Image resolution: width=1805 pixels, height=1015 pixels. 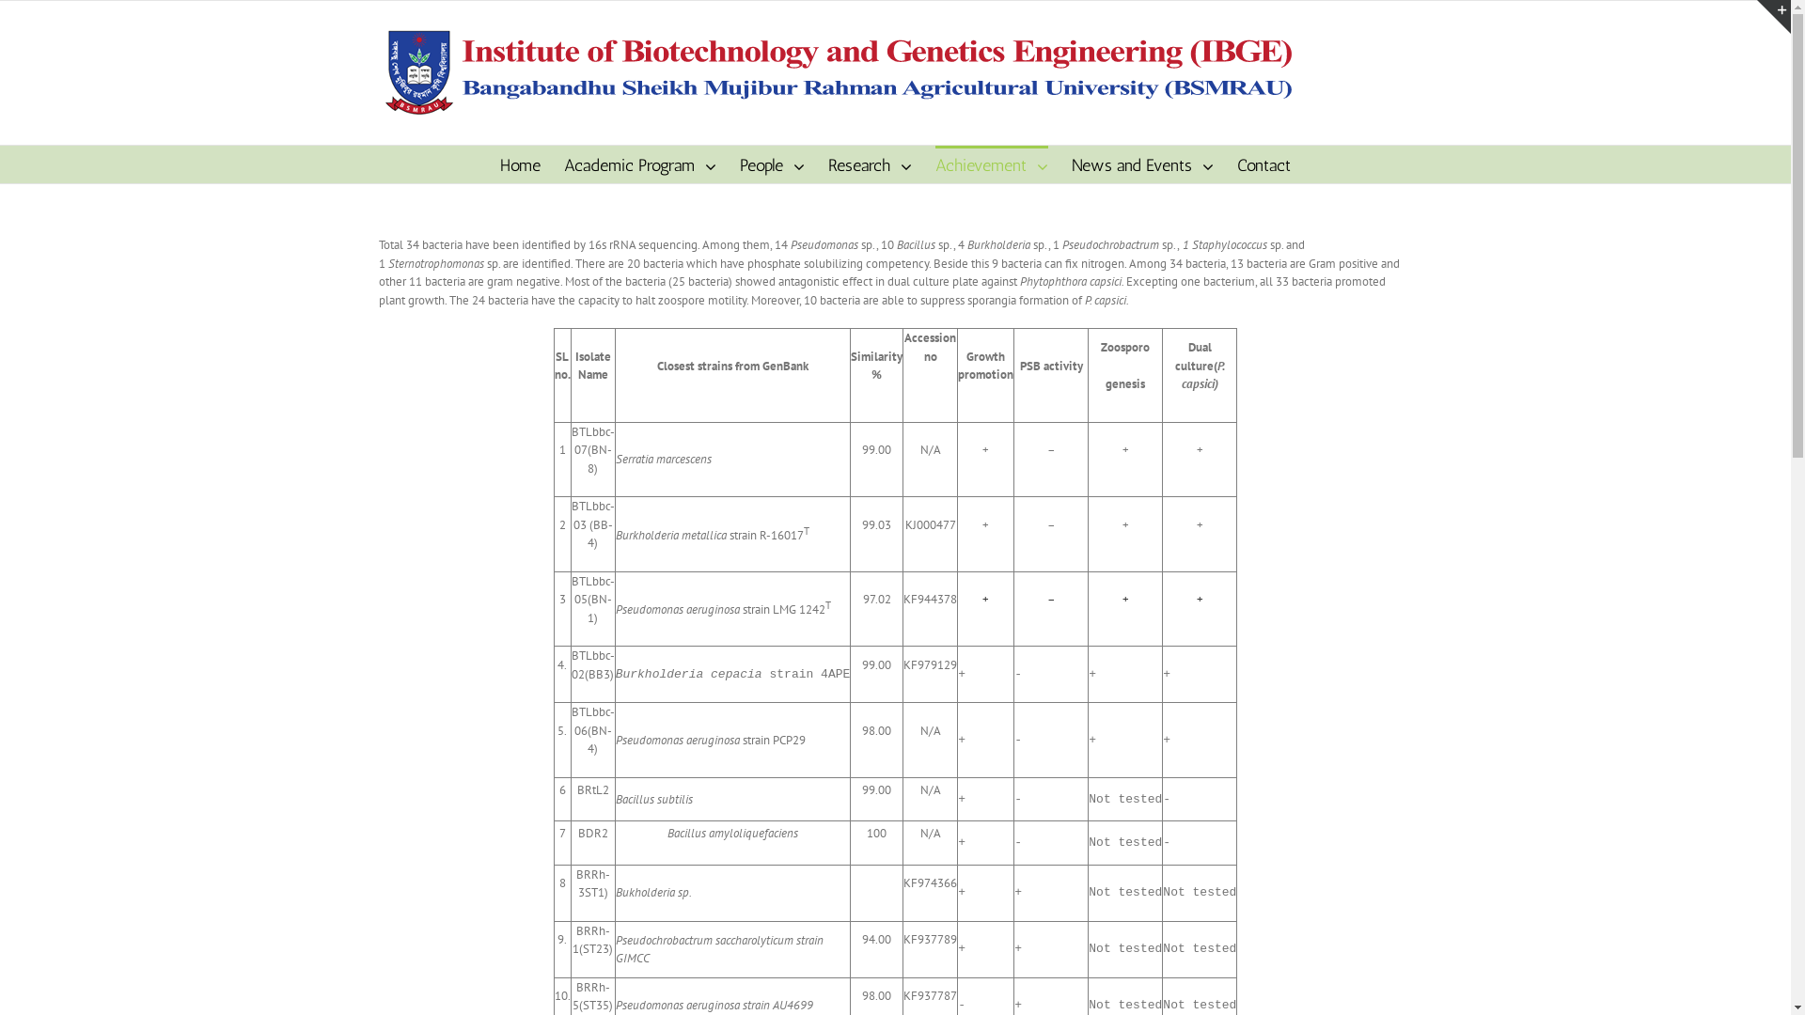 I want to click on 'Academic Program', so click(x=563, y=163).